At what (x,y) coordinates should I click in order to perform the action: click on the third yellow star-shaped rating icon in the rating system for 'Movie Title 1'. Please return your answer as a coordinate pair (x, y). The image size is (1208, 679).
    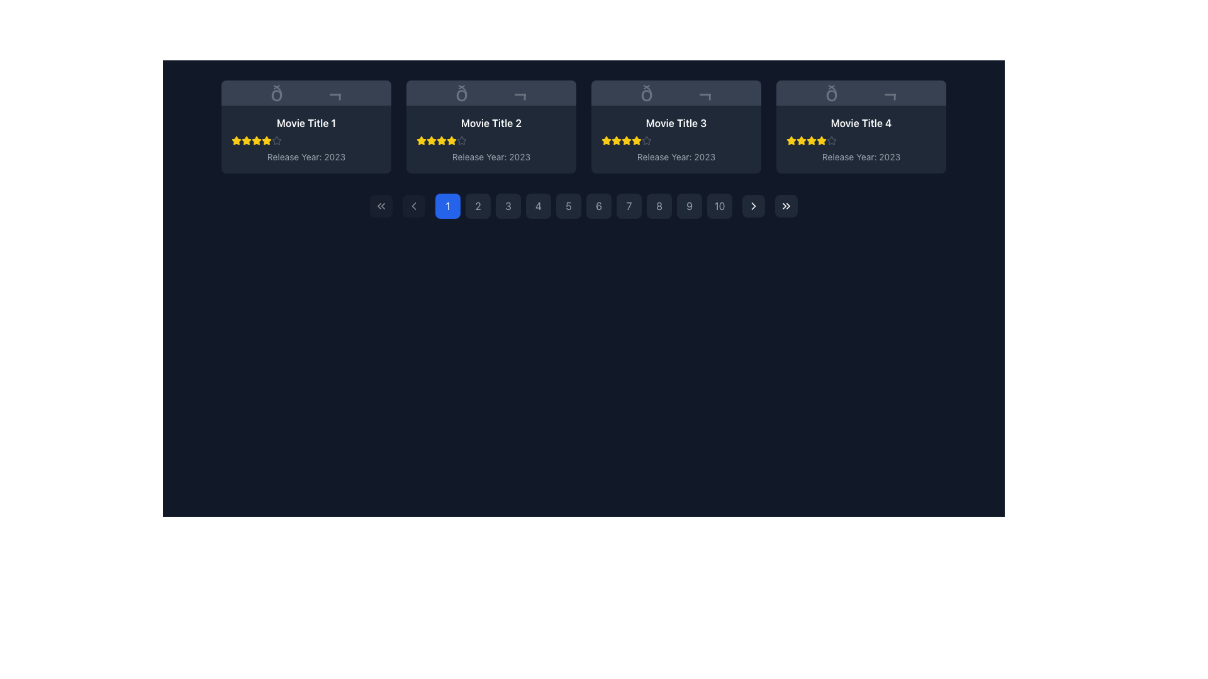
    Looking at the image, I should click on (256, 140).